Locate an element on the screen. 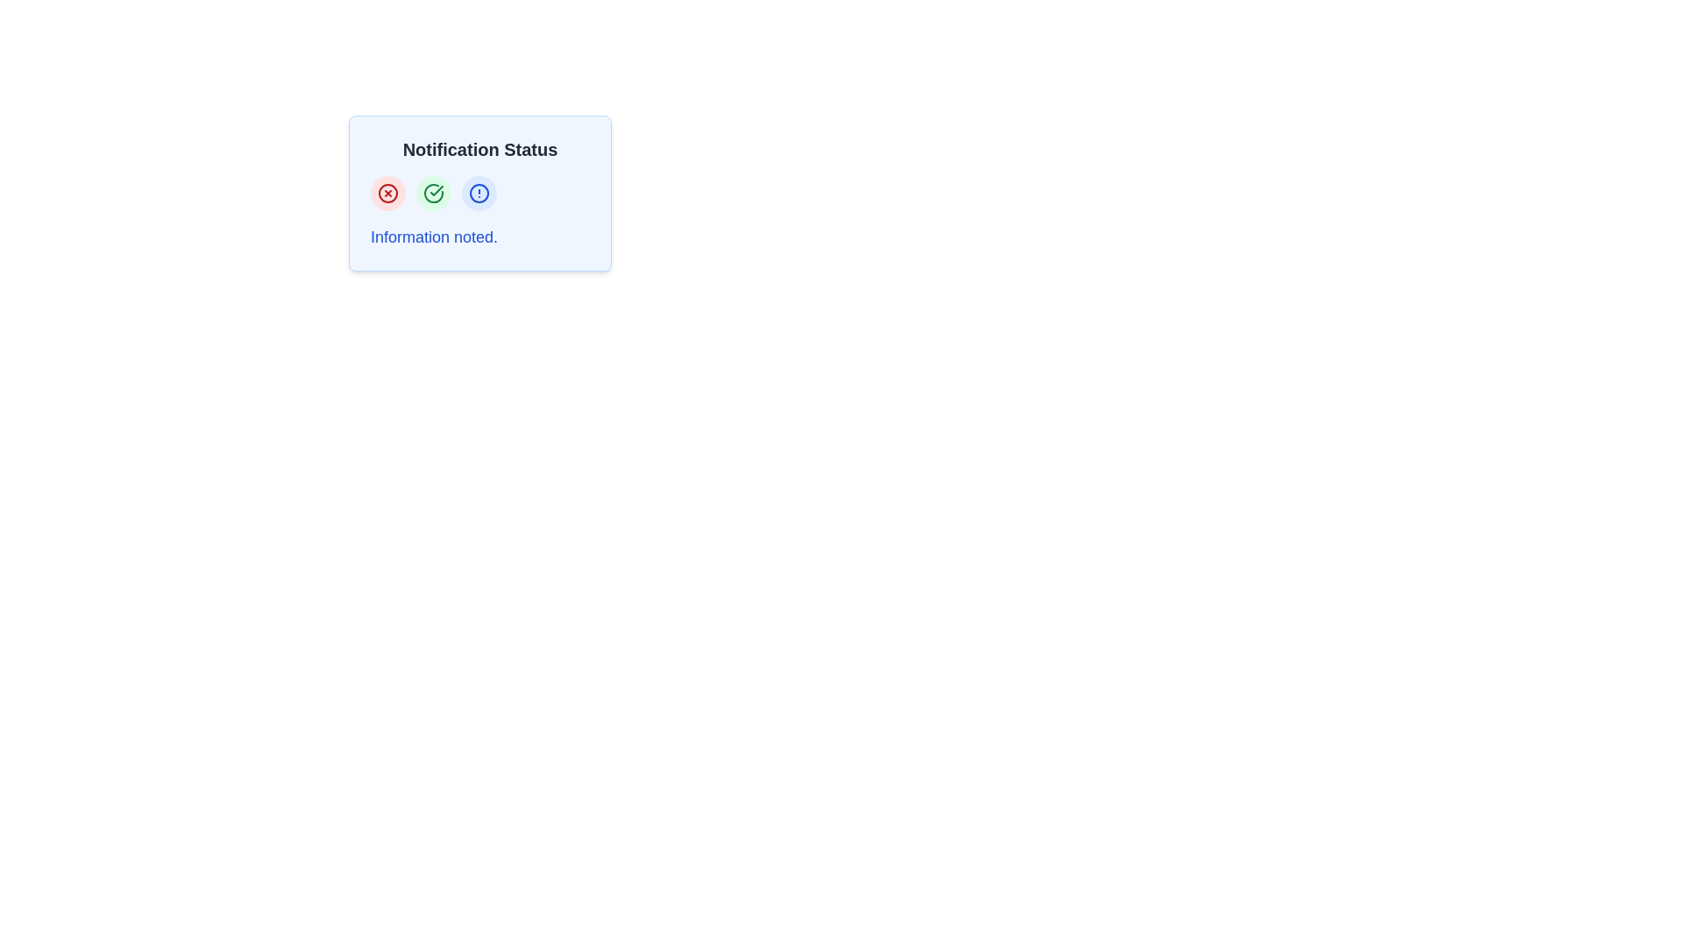 The height and width of the screenshot is (946, 1683). the red circular cancel icon with a white X symbol is located at coordinates (387, 193).